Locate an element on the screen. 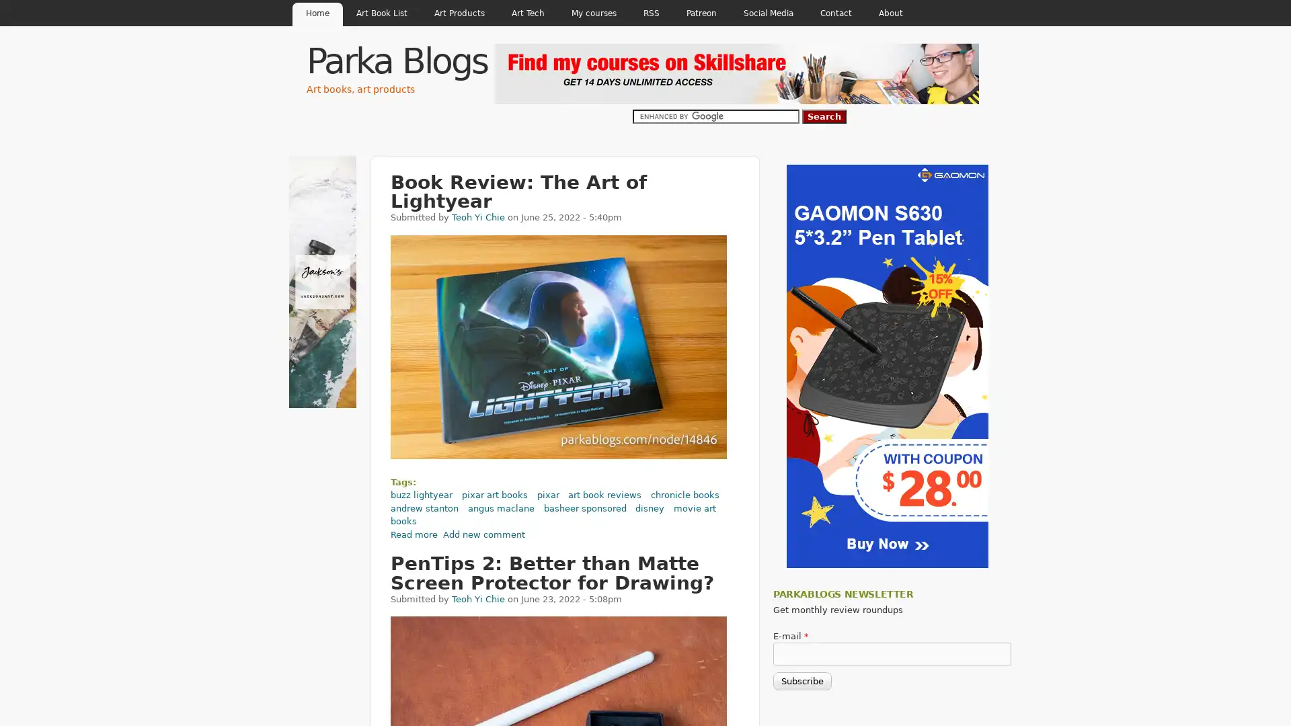 The width and height of the screenshot is (1291, 726). Subscribe is located at coordinates (802, 680).